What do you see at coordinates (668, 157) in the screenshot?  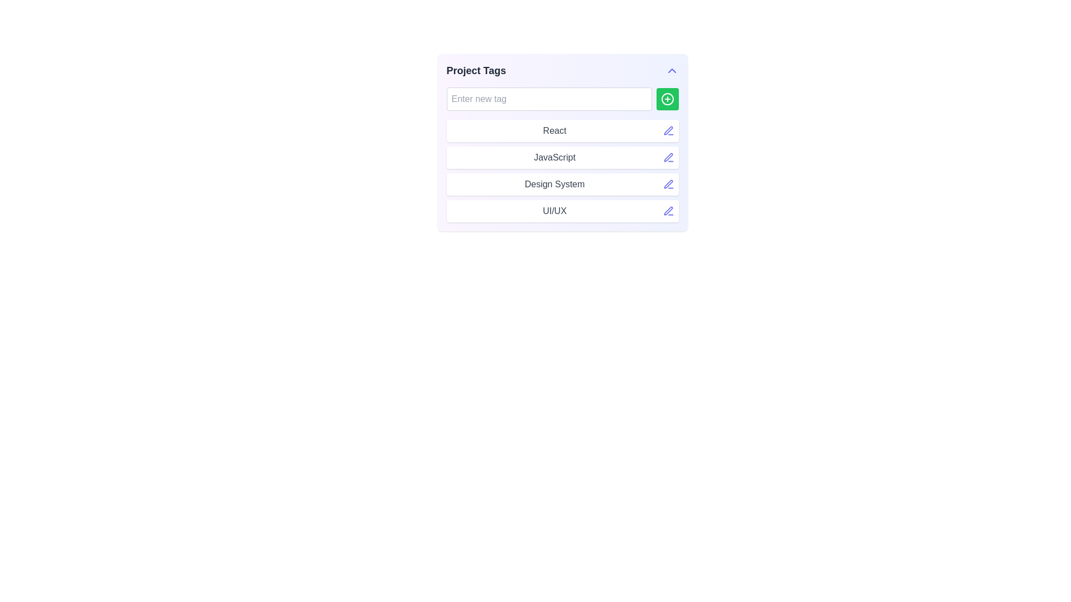 I see `the icon button located to the right of the 'JavaScript' text in the second row of the tag list` at bounding box center [668, 157].